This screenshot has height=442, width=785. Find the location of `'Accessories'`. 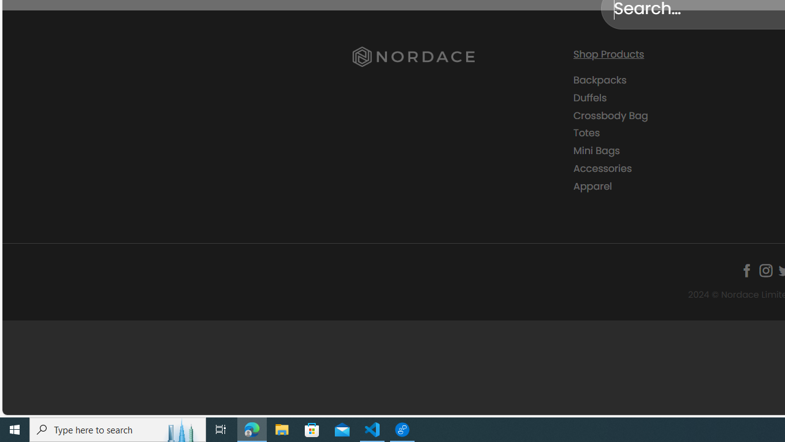

'Accessories' is located at coordinates (673, 168).